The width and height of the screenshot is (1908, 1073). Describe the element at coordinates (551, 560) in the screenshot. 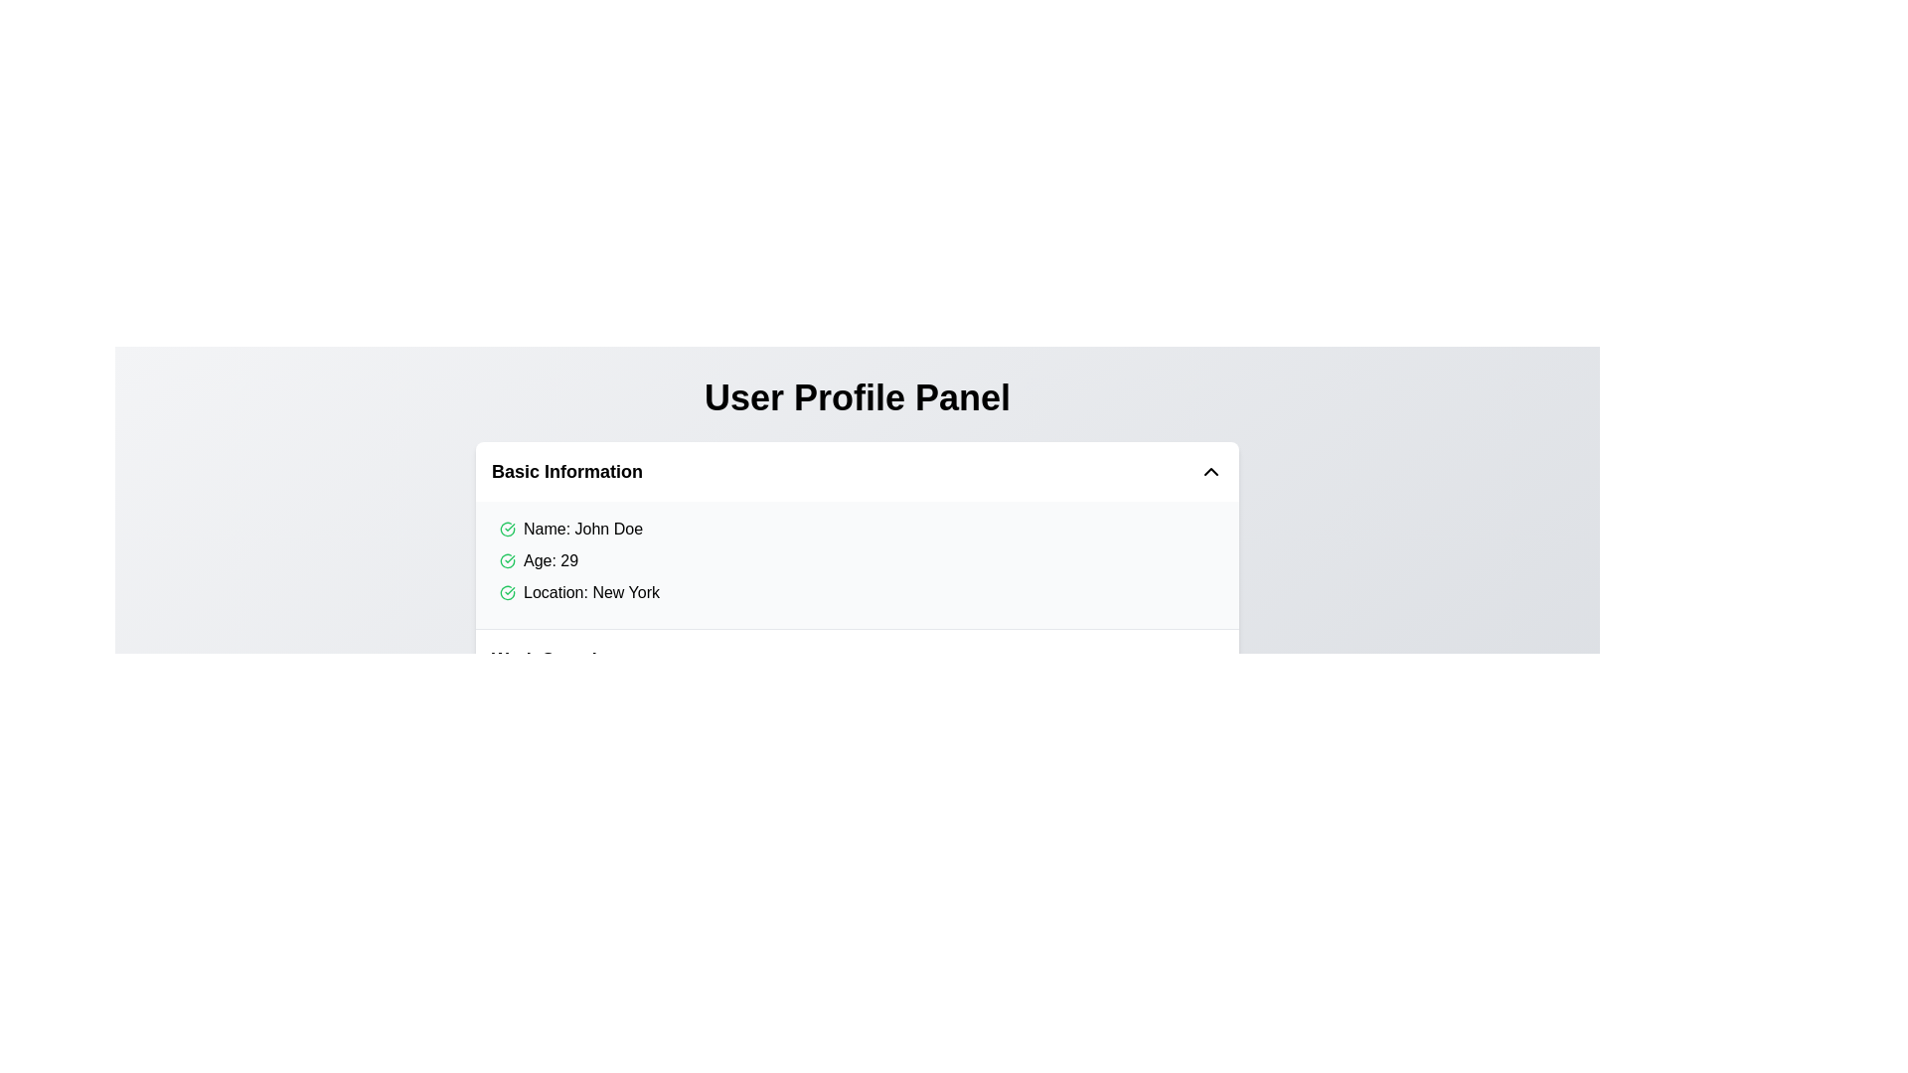

I see `user's age displayed in the static text label located in the profile panel under 'Basic Information', following the entry 'Name: John Doe'` at that location.